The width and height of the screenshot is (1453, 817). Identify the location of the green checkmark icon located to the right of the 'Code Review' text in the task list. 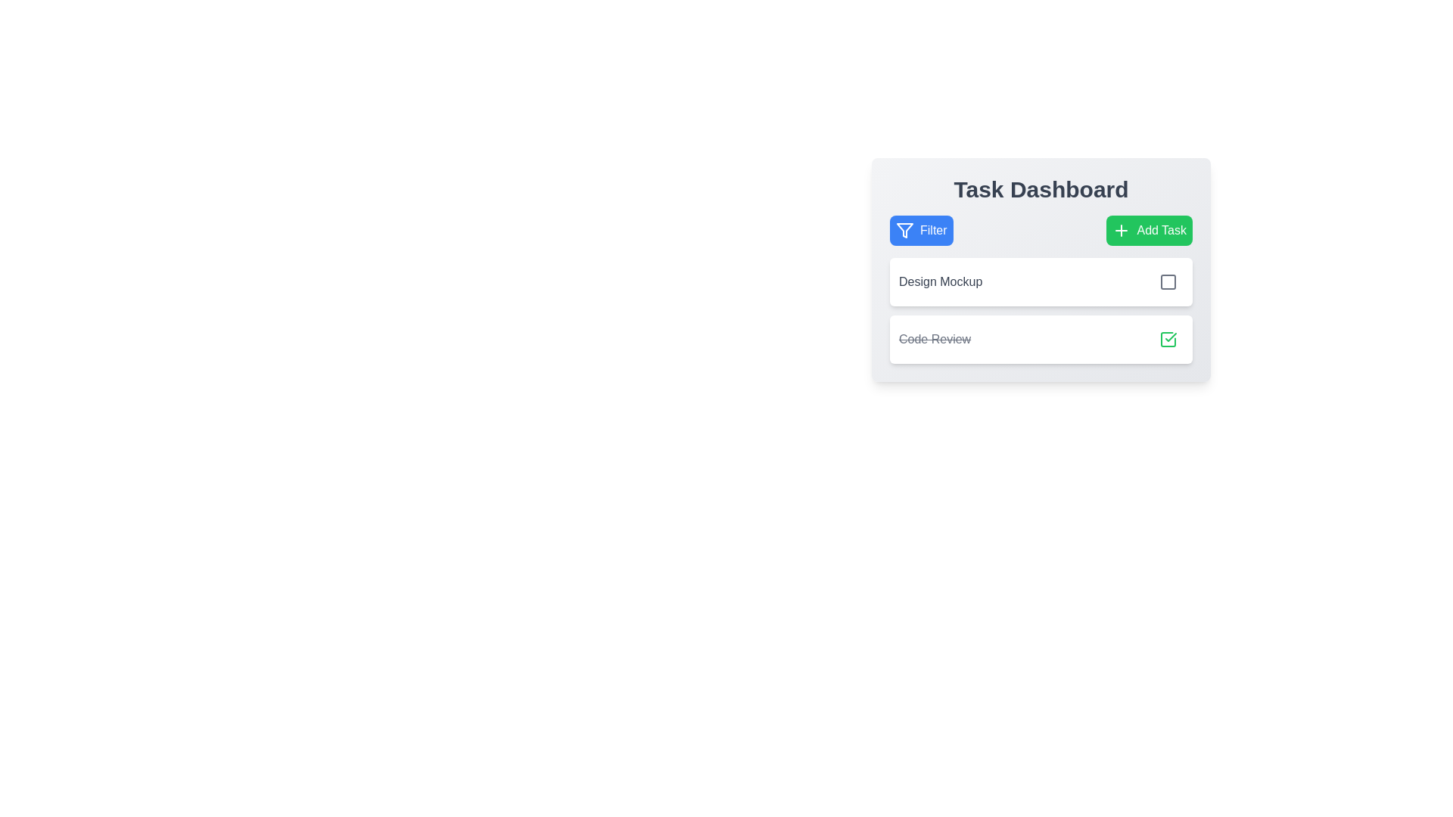
(1170, 337).